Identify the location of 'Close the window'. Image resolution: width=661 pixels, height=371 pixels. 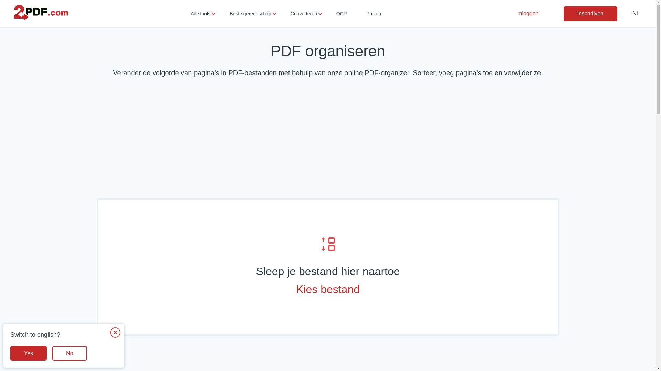
(115, 332).